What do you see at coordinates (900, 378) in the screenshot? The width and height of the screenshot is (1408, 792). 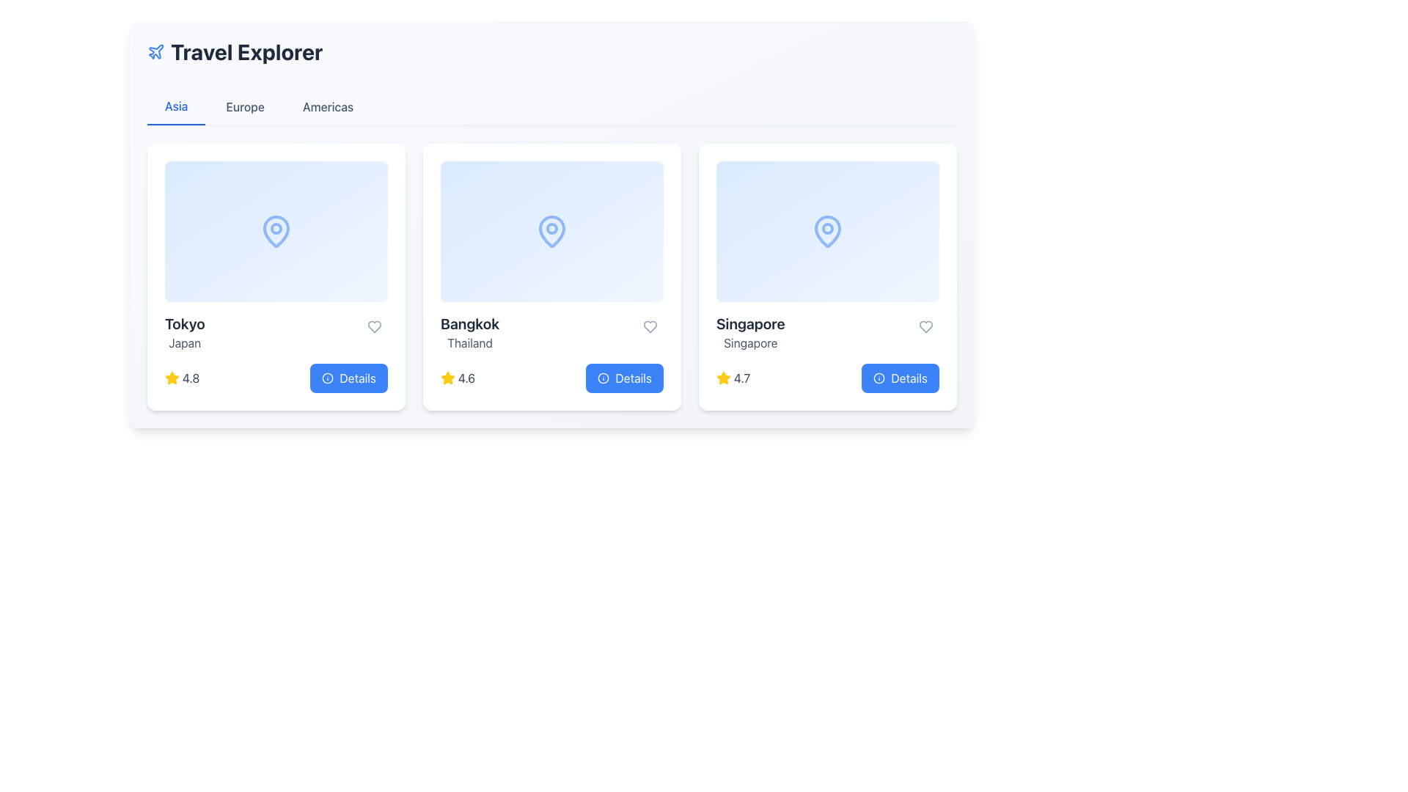 I see `the blue 'Details' button with a rounded border and an 'i' icon located at the bottom right corner of the 'Singapore' card` at bounding box center [900, 378].